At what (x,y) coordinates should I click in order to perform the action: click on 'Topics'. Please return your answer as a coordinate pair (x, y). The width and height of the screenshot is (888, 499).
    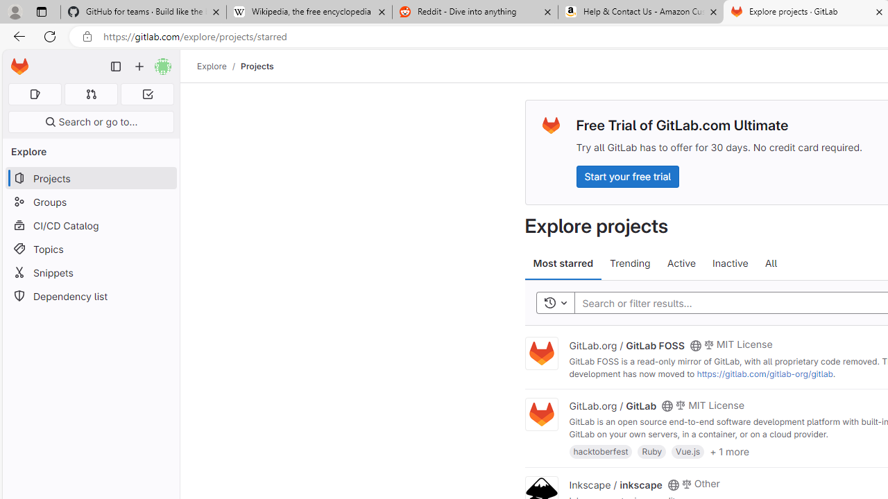
    Looking at the image, I should click on (90, 248).